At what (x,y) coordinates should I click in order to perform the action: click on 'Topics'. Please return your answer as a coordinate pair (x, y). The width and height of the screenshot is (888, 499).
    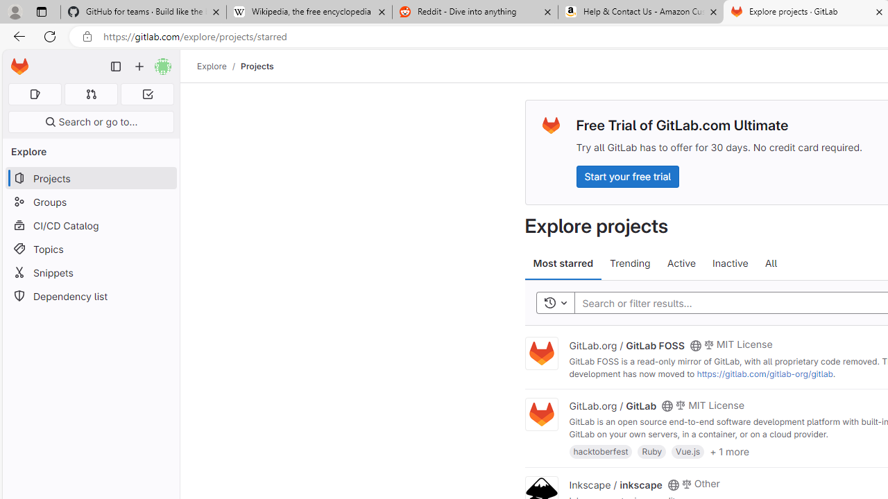
    Looking at the image, I should click on (90, 248).